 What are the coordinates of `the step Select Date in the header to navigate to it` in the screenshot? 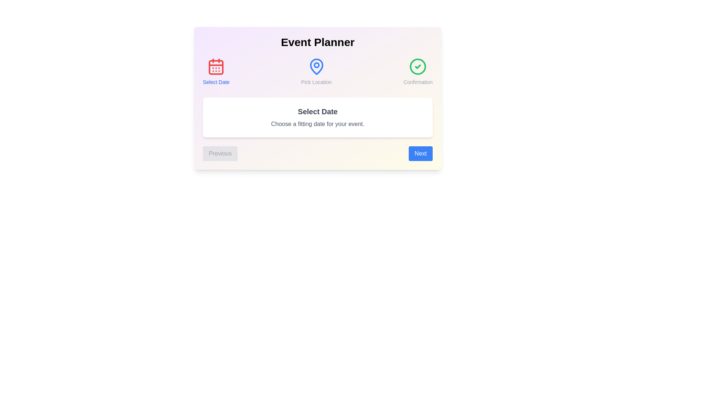 It's located at (215, 72).